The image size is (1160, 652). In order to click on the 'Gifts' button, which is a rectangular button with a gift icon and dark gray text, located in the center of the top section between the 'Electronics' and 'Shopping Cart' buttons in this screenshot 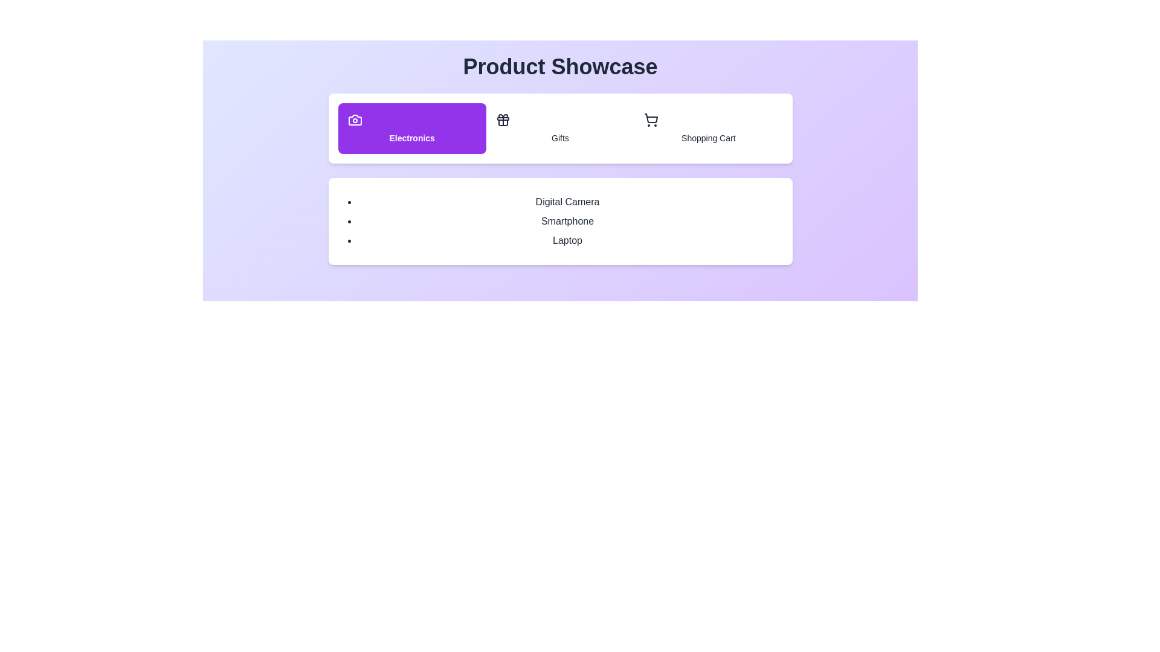, I will do `click(559, 128)`.